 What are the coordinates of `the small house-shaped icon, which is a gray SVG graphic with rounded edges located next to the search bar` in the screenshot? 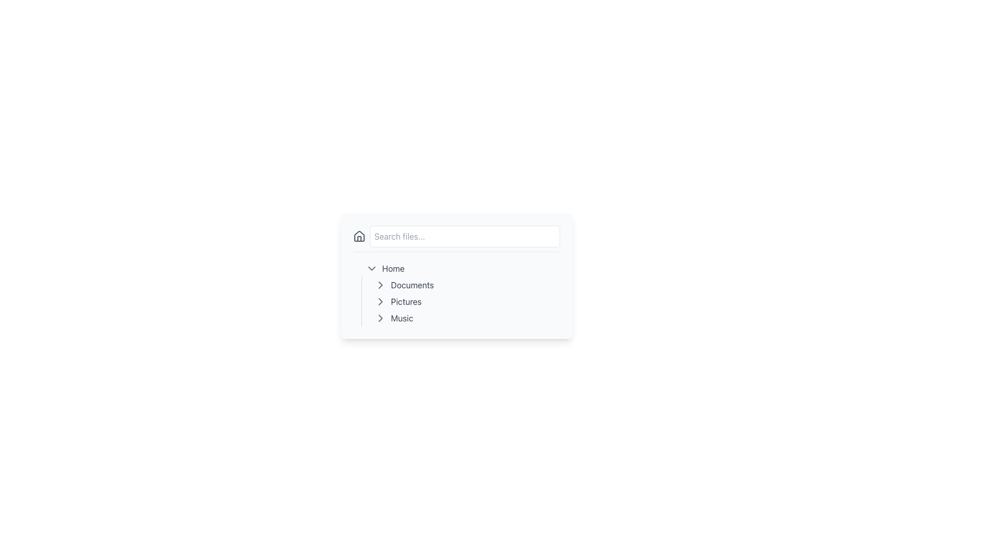 It's located at (359, 236).